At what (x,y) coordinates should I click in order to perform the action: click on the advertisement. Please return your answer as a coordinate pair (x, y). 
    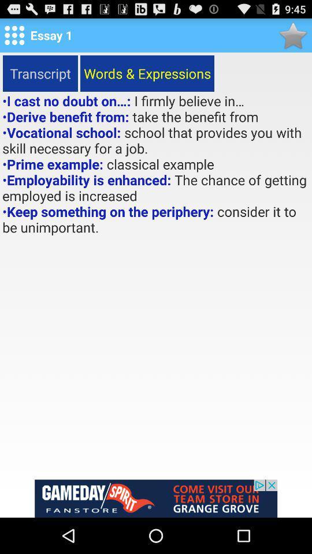
    Looking at the image, I should click on (156, 498).